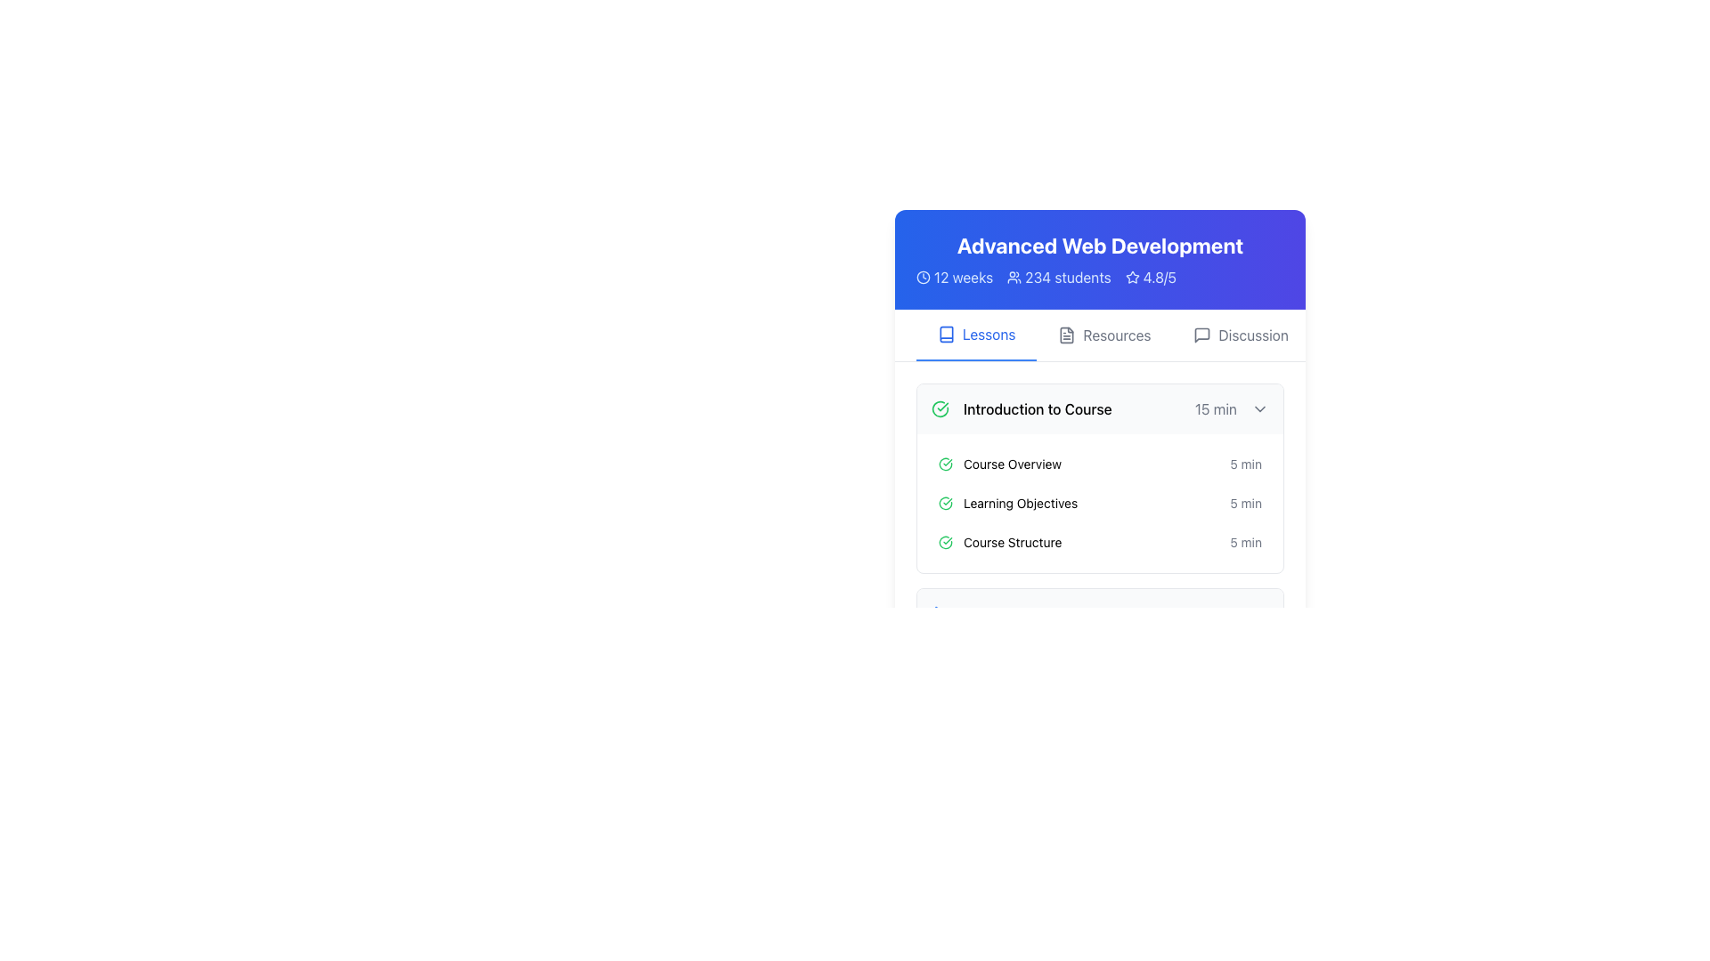 This screenshot has width=1710, height=961. Describe the element at coordinates (1099, 260) in the screenshot. I see `the Informational display section featuring the bold white text 'Advanced Web Development' and a gradient background transitioning from blue to indigo` at that location.